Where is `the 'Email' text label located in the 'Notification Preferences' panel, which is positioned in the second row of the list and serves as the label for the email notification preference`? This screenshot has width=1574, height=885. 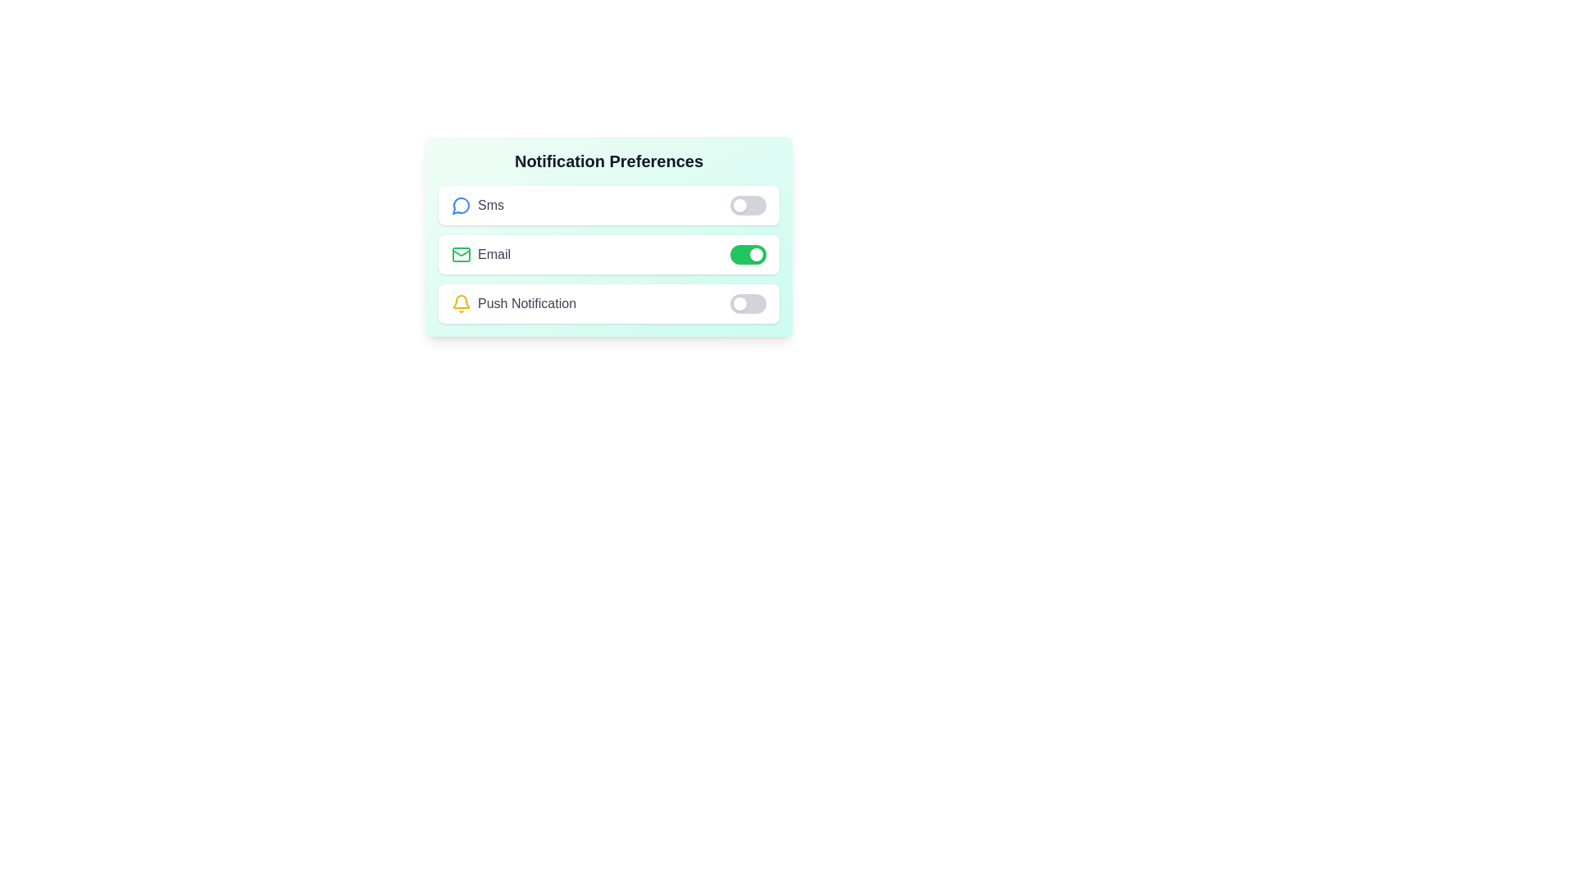
the 'Email' text label located in the 'Notification Preferences' panel, which is positioned in the second row of the list and serves as the label for the email notification preference is located at coordinates (494, 255).